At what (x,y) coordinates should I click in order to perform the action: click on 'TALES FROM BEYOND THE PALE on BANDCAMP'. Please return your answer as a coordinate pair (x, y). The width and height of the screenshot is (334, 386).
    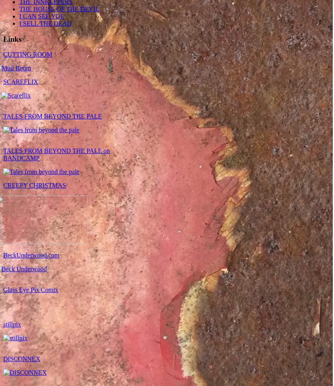
    Looking at the image, I should click on (56, 154).